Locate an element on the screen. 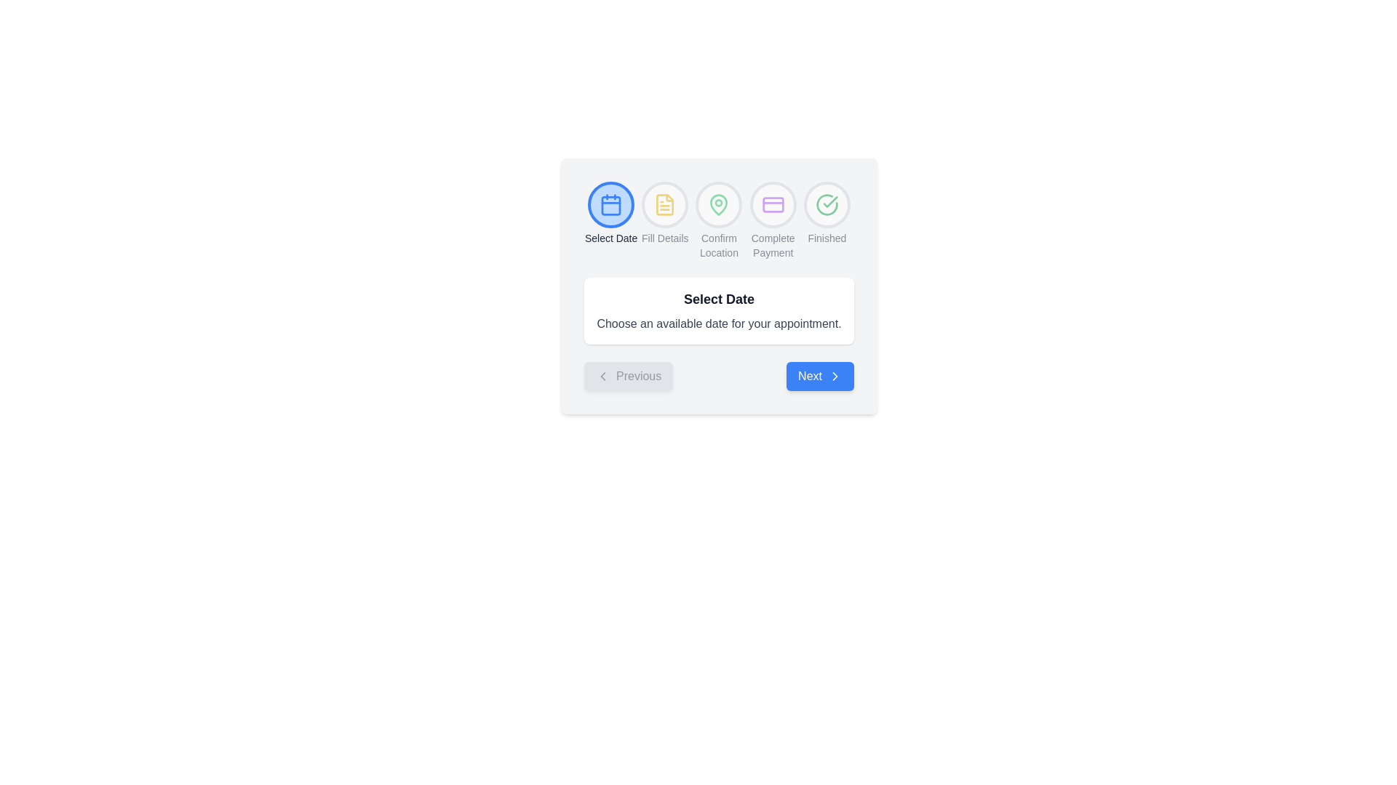 This screenshot has width=1397, height=785. the Step indicator with a calendar symbol labeled 'Select Date' is located at coordinates (611, 221).